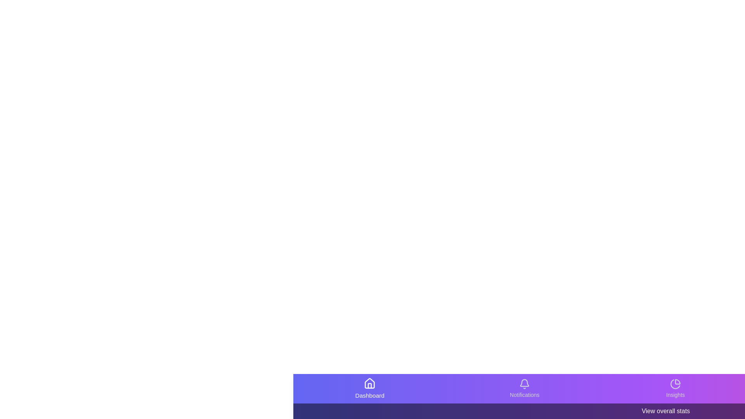 Image resolution: width=745 pixels, height=419 pixels. What do you see at coordinates (674, 389) in the screenshot?
I see `the Insights icon in the bottom navigation bar` at bounding box center [674, 389].